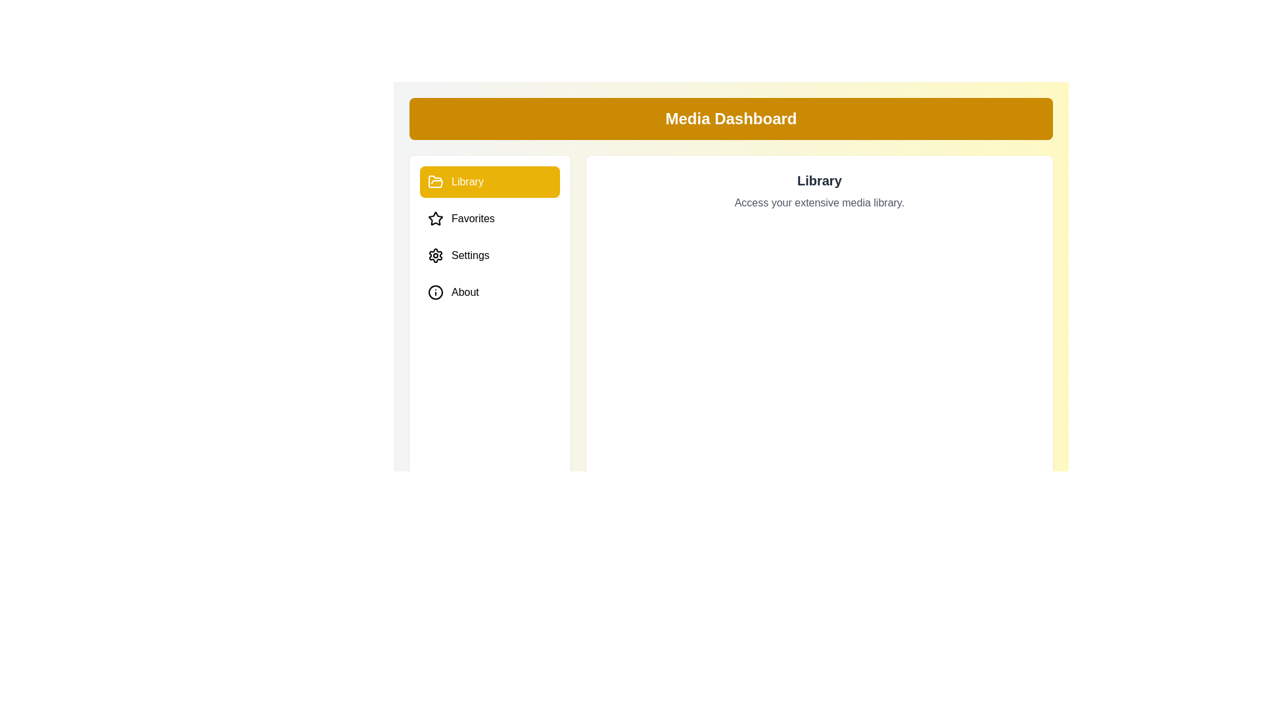  Describe the element at coordinates (489, 291) in the screenshot. I see `the About tab by clicking on its corresponding menu item` at that location.